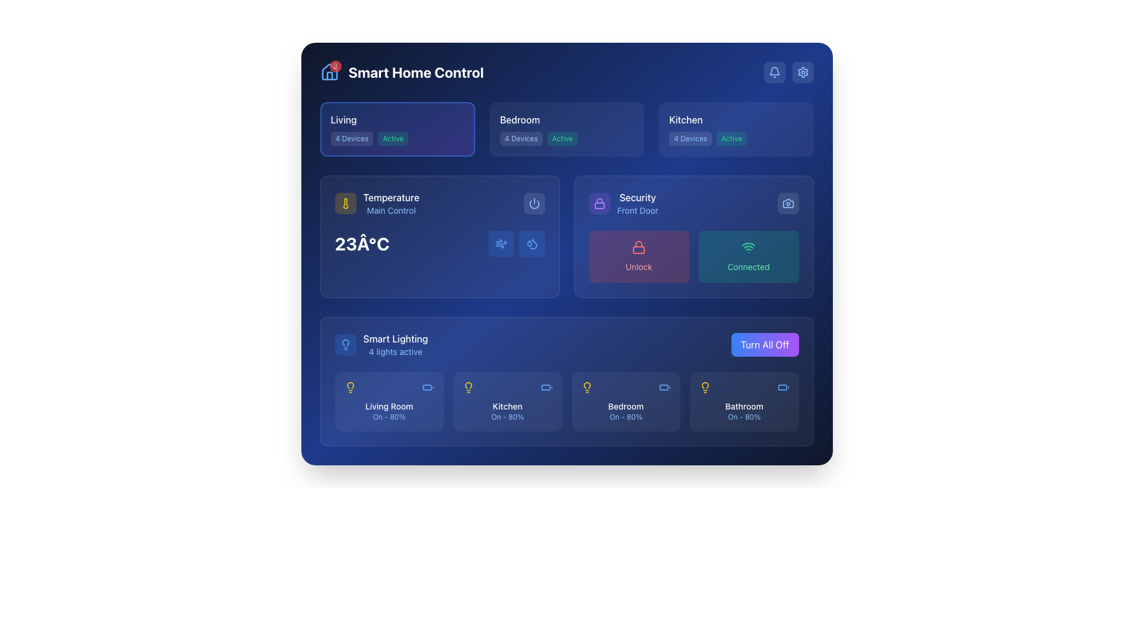  Describe the element at coordinates (501, 243) in the screenshot. I see `the light-blue wind-related icon with three horizontal wavy lines located within the blue-themed UI component to the right of the main temperature reading '23°C'` at that location.